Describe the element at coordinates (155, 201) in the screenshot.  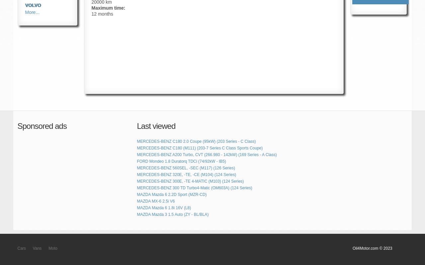
I see `'MAZDA MX-6 2.5i V6'` at that location.